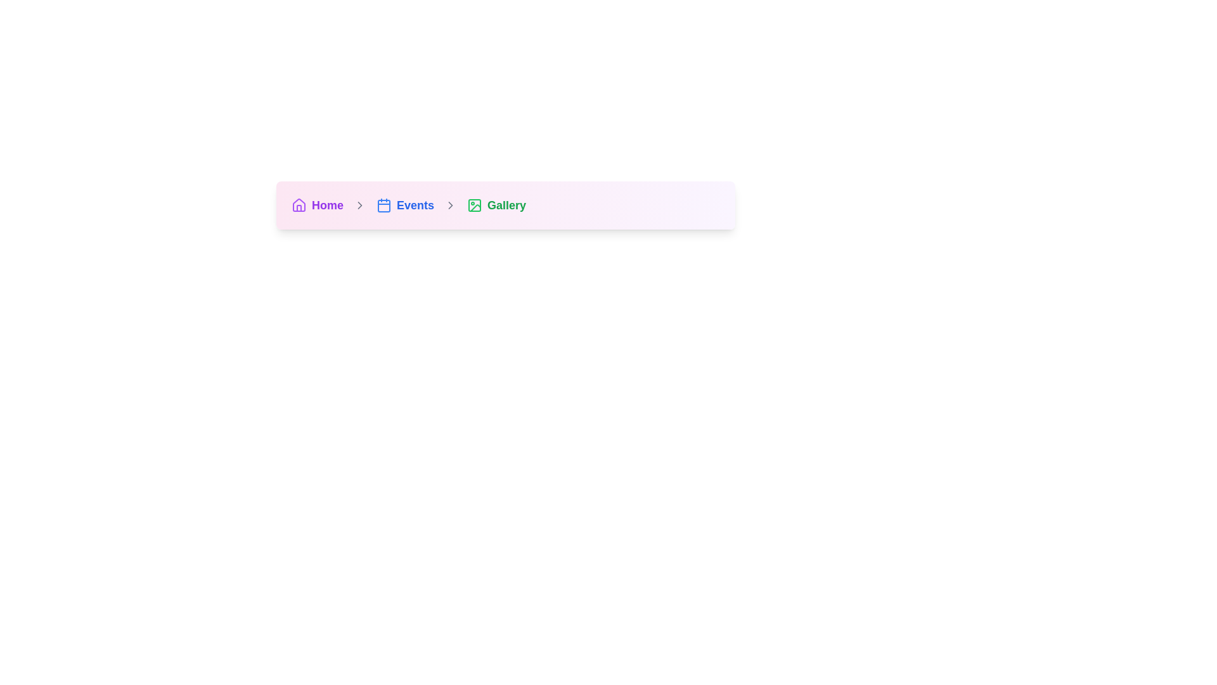 The width and height of the screenshot is (1217, 685). What do you see at coordinates (450, 205) in the screenshot?
I see `the rightward-pointing chevron icon that serves as a separator between the 'Events' and 'Gallery' sections in the breadcrumb navigation bar` at bounding box center [450, 205].